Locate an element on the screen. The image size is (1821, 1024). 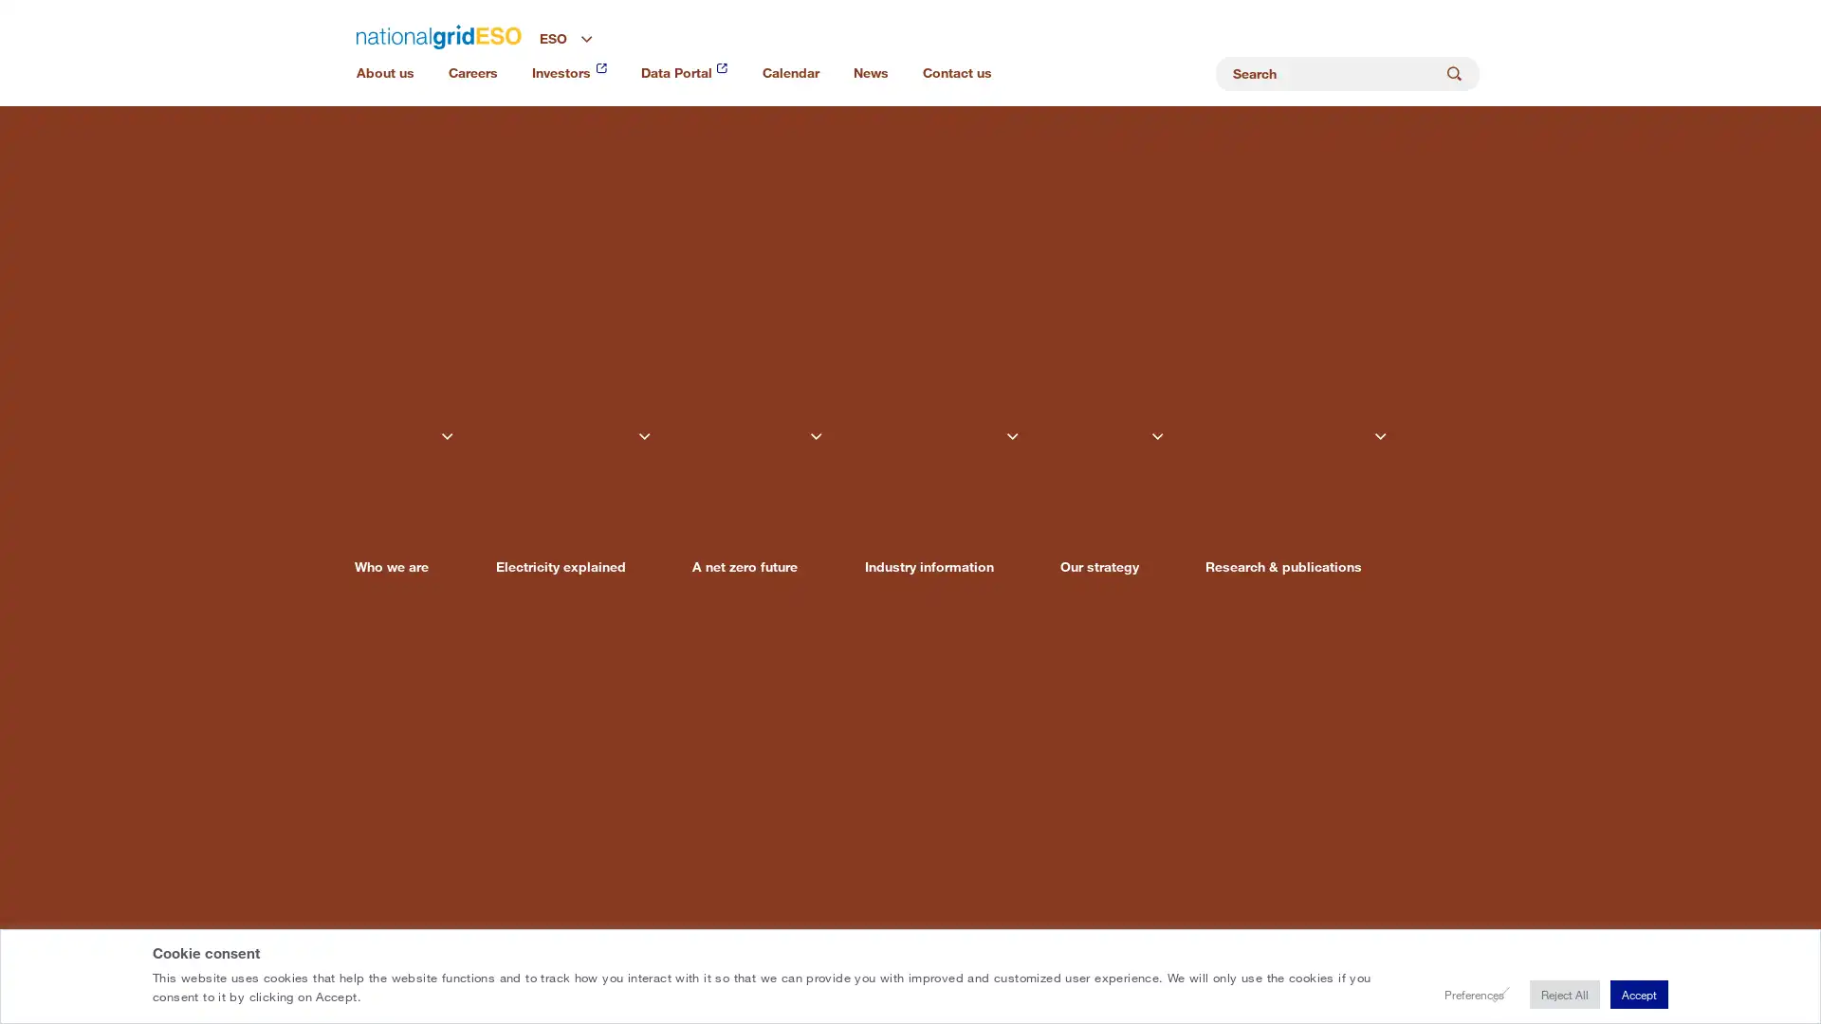
Reject All is located at coordinates (1547, 994).